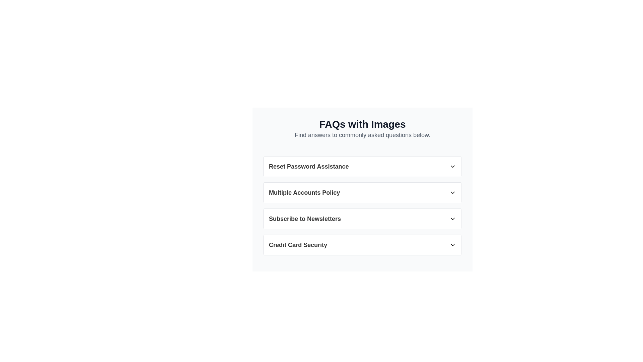 The width and height of the screenshot is (643, 362). I want to click on the Dropdown menu item for 'Multiple Accounts Policy' located in the 'FAQs with Images' section, so click(362, 201).